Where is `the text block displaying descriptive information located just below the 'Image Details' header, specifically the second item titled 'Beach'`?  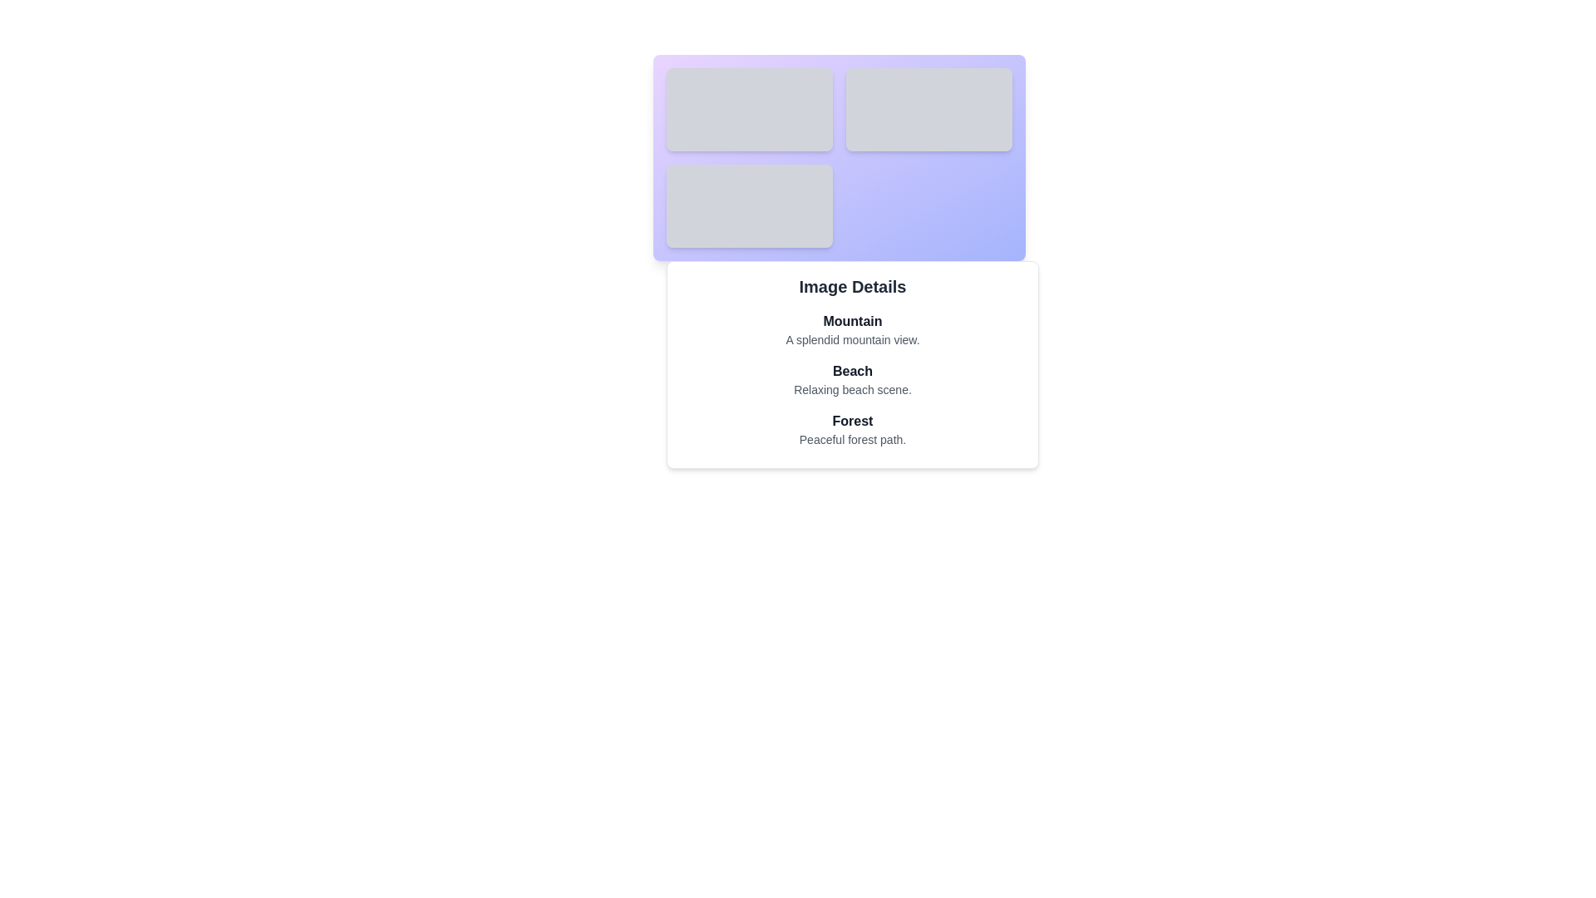
the text block displaying descriptive information located just below the 'Image Details' header, specifically the second item titled 'Beach' is located at coordinates (853, 379).